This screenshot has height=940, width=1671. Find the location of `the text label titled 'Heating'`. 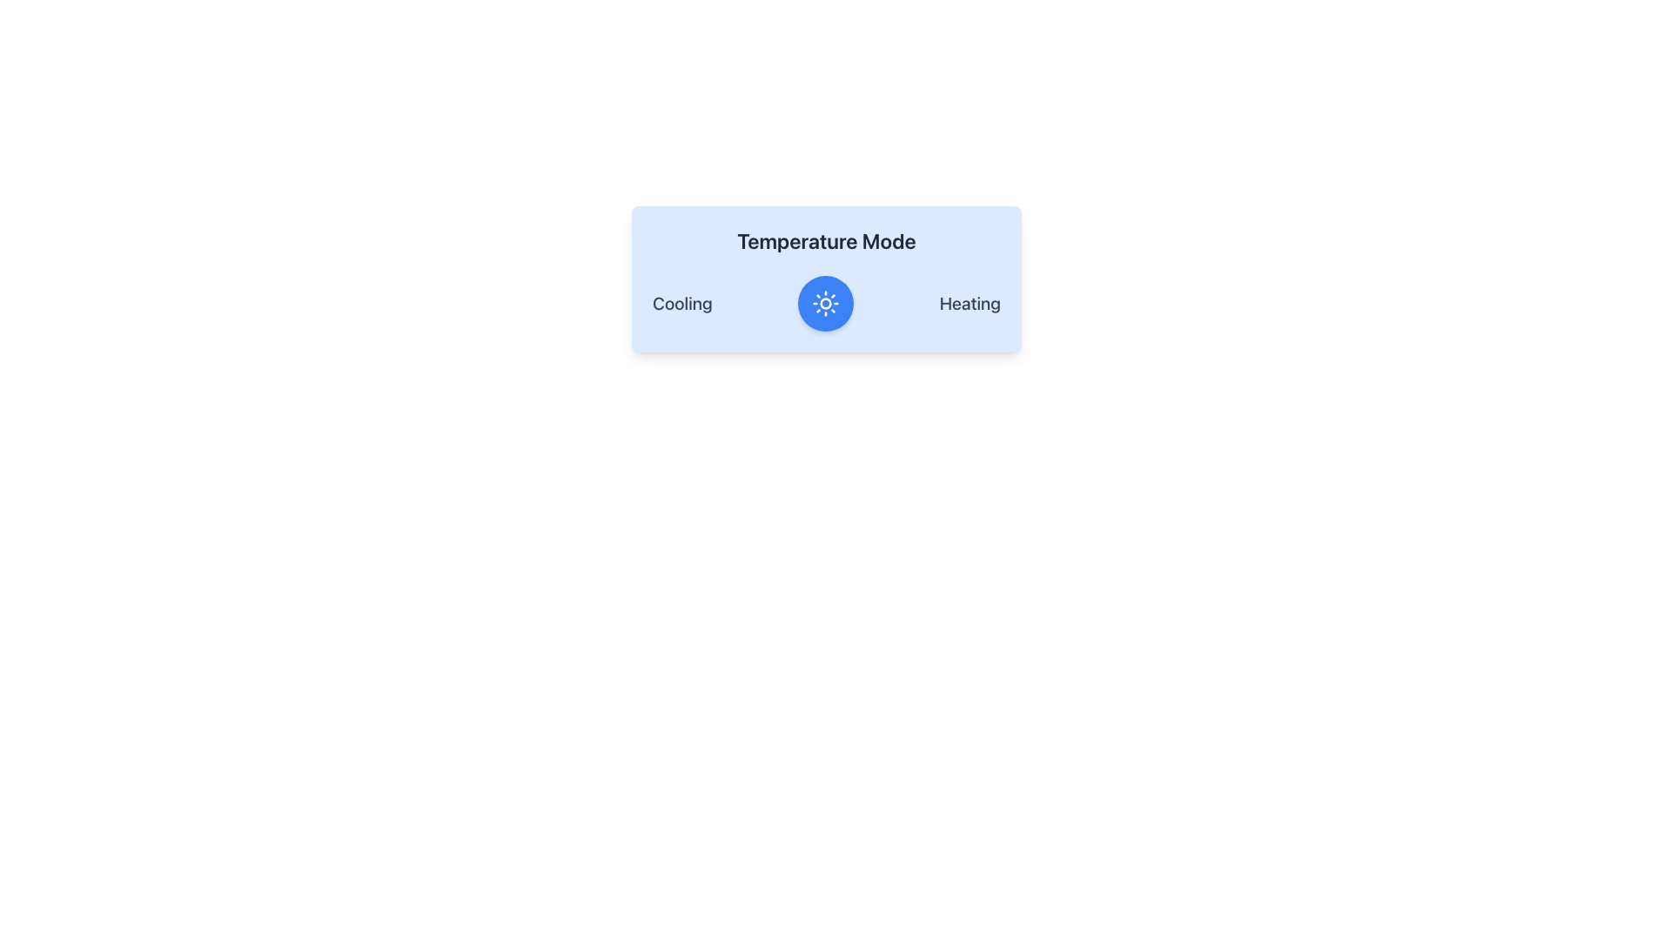

the text label titled 'Heating' is located at coordinates (969, 302).